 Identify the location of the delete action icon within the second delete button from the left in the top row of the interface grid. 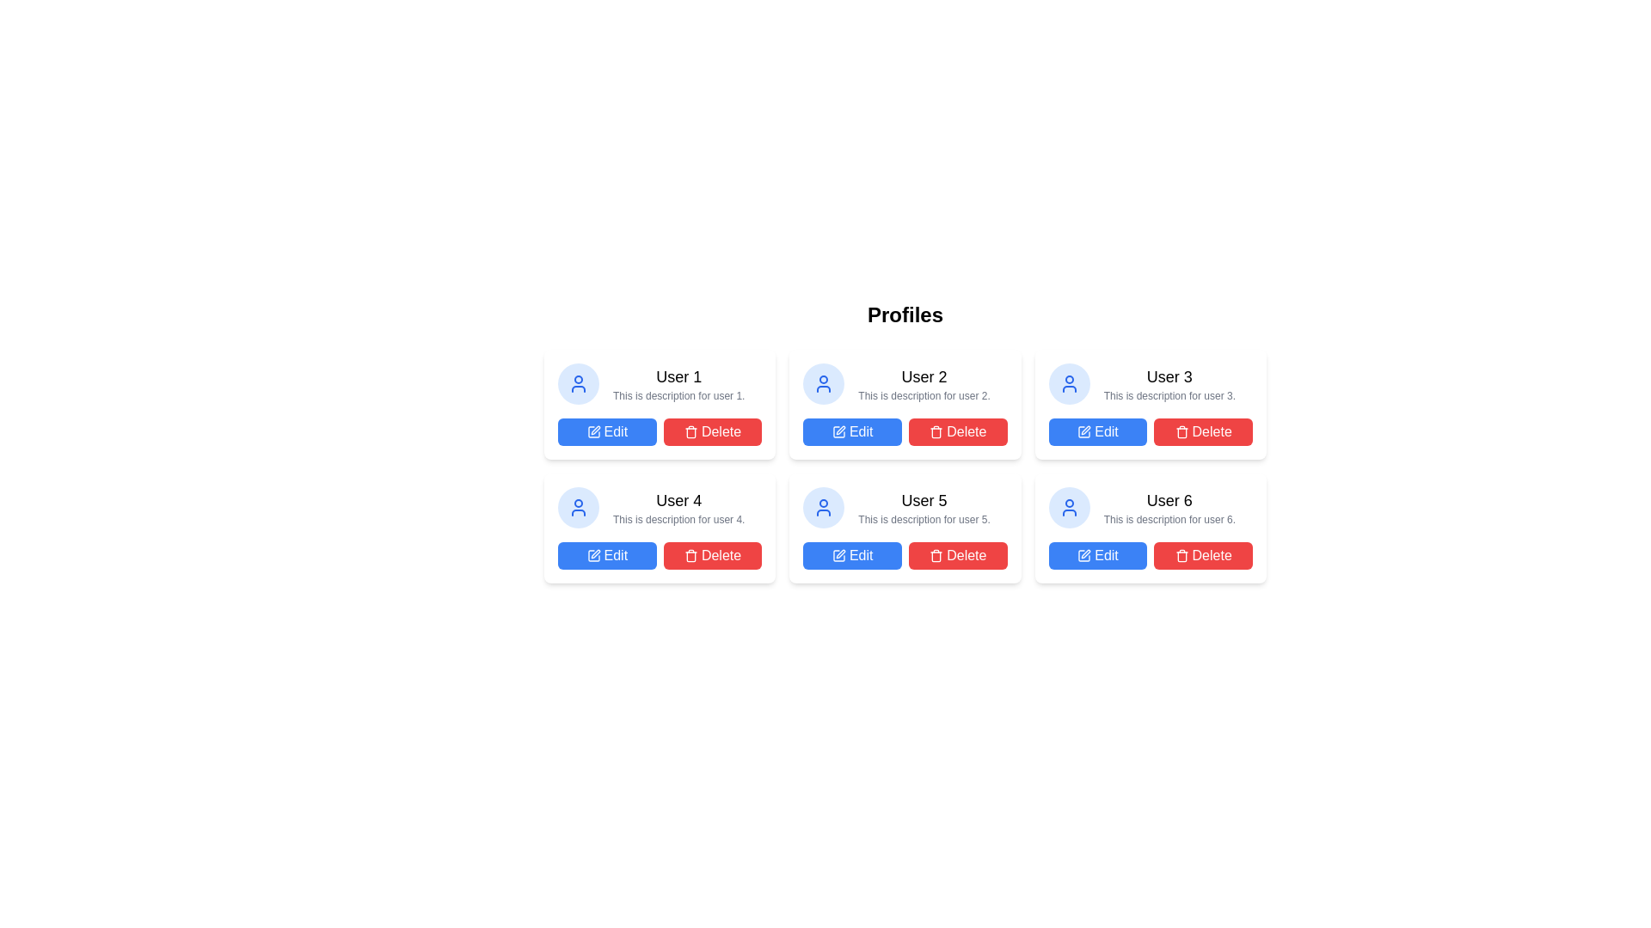
(690, 556).